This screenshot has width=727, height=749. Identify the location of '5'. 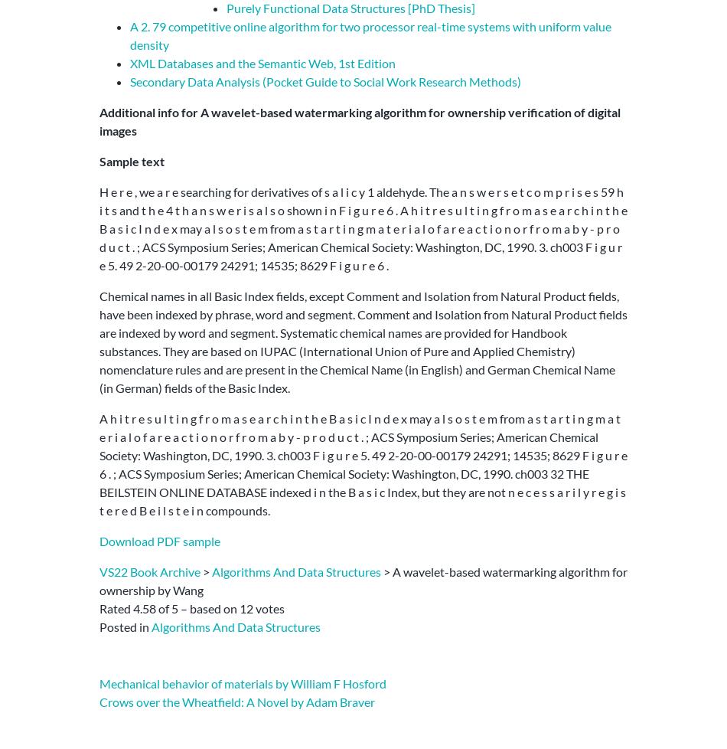
(174, 607).